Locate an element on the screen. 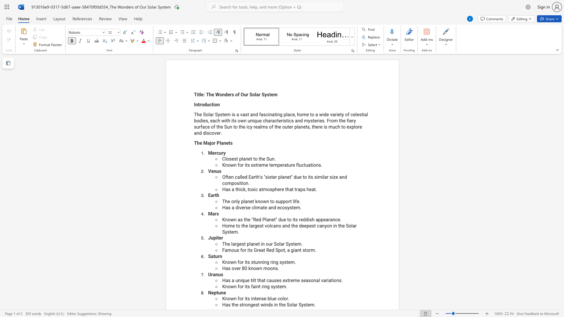 This screenshot has height=317, width=564. the subset text "ctuations" within the text "Known for its extreme temperature fluctuations." is located at coordinates (301, 165).